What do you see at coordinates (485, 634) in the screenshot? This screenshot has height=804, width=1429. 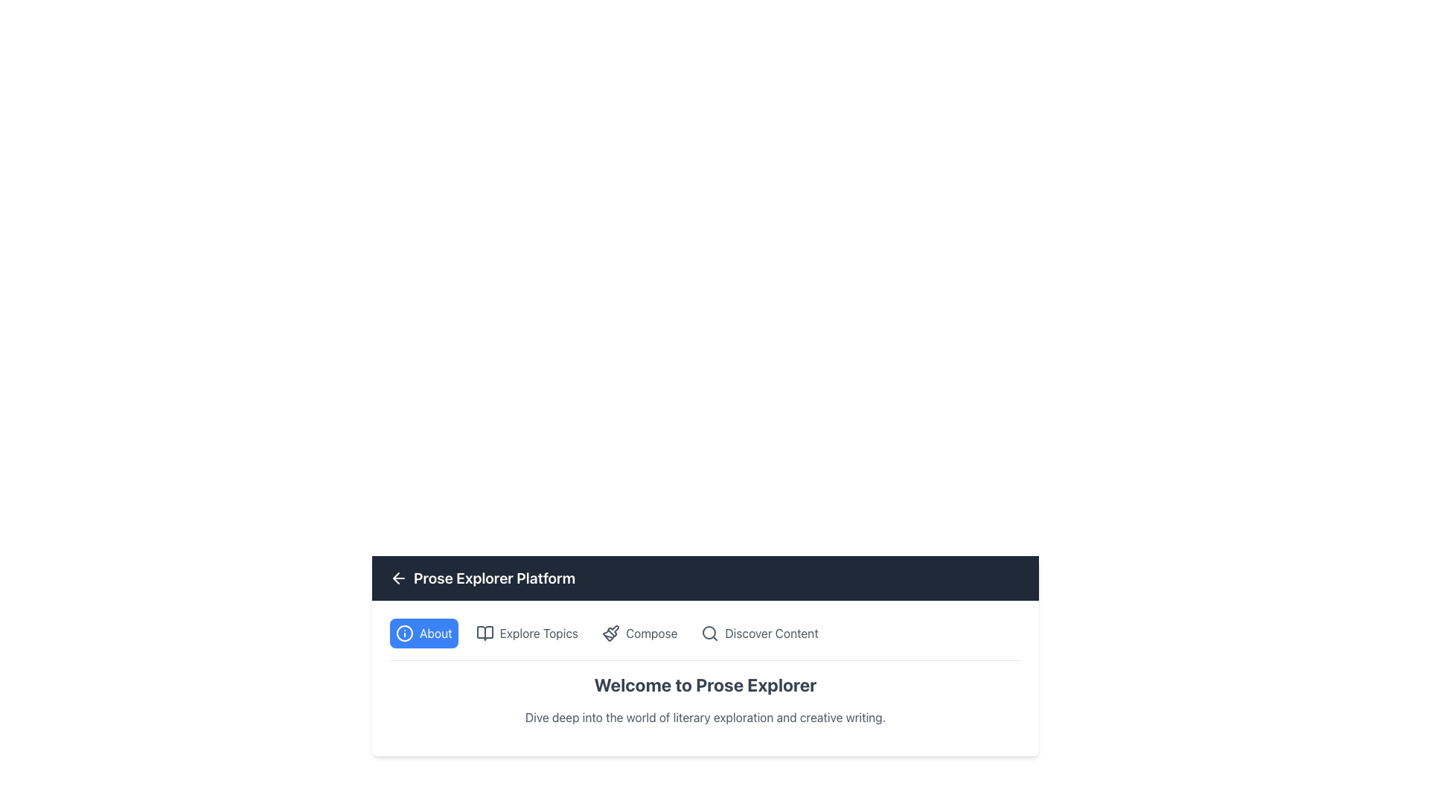 I see `the 'Explore Topics' icon, which is the leftmost element in the 'Explore Topics' section and is aligned with the 'About' button` at bounding box center [485, 634].